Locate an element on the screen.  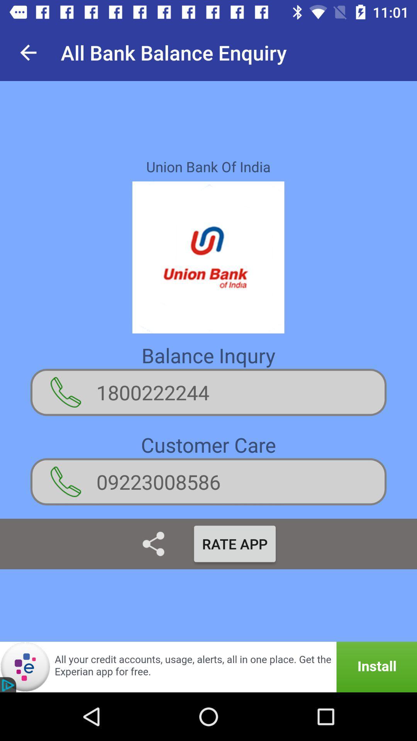
rate app icon is located at coordinates (234, 543).